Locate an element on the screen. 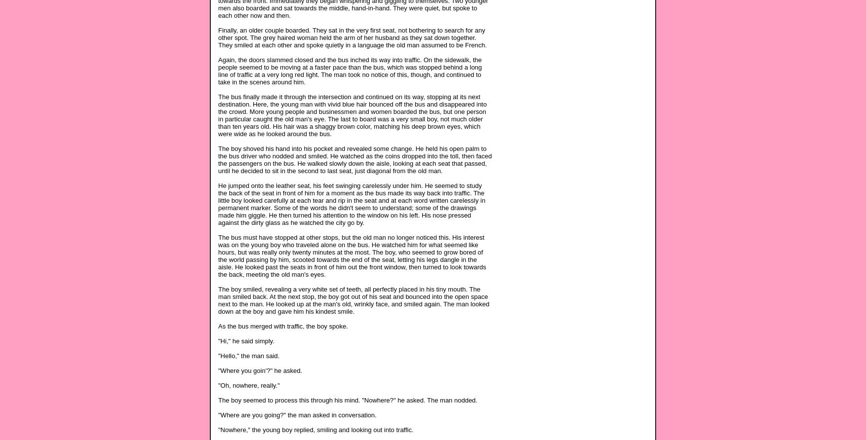 The image size is (866, 440). 'The bus must have stopped at other stops, but the old man no longer noticed this. His interest was on the young boy who traveled alone on the bus. He watched him for what seemed like hours, but was really only twenty minutes at the most. The boy, who seemed to grow bored of the world passing by him, scooted towards the end of the seat, letting his legs dangle in the aisle. He looked past the seats in front of him out the front window, then turned to look towards the back, meeting the old man's eyes.' is located at coordinates (352, 255).